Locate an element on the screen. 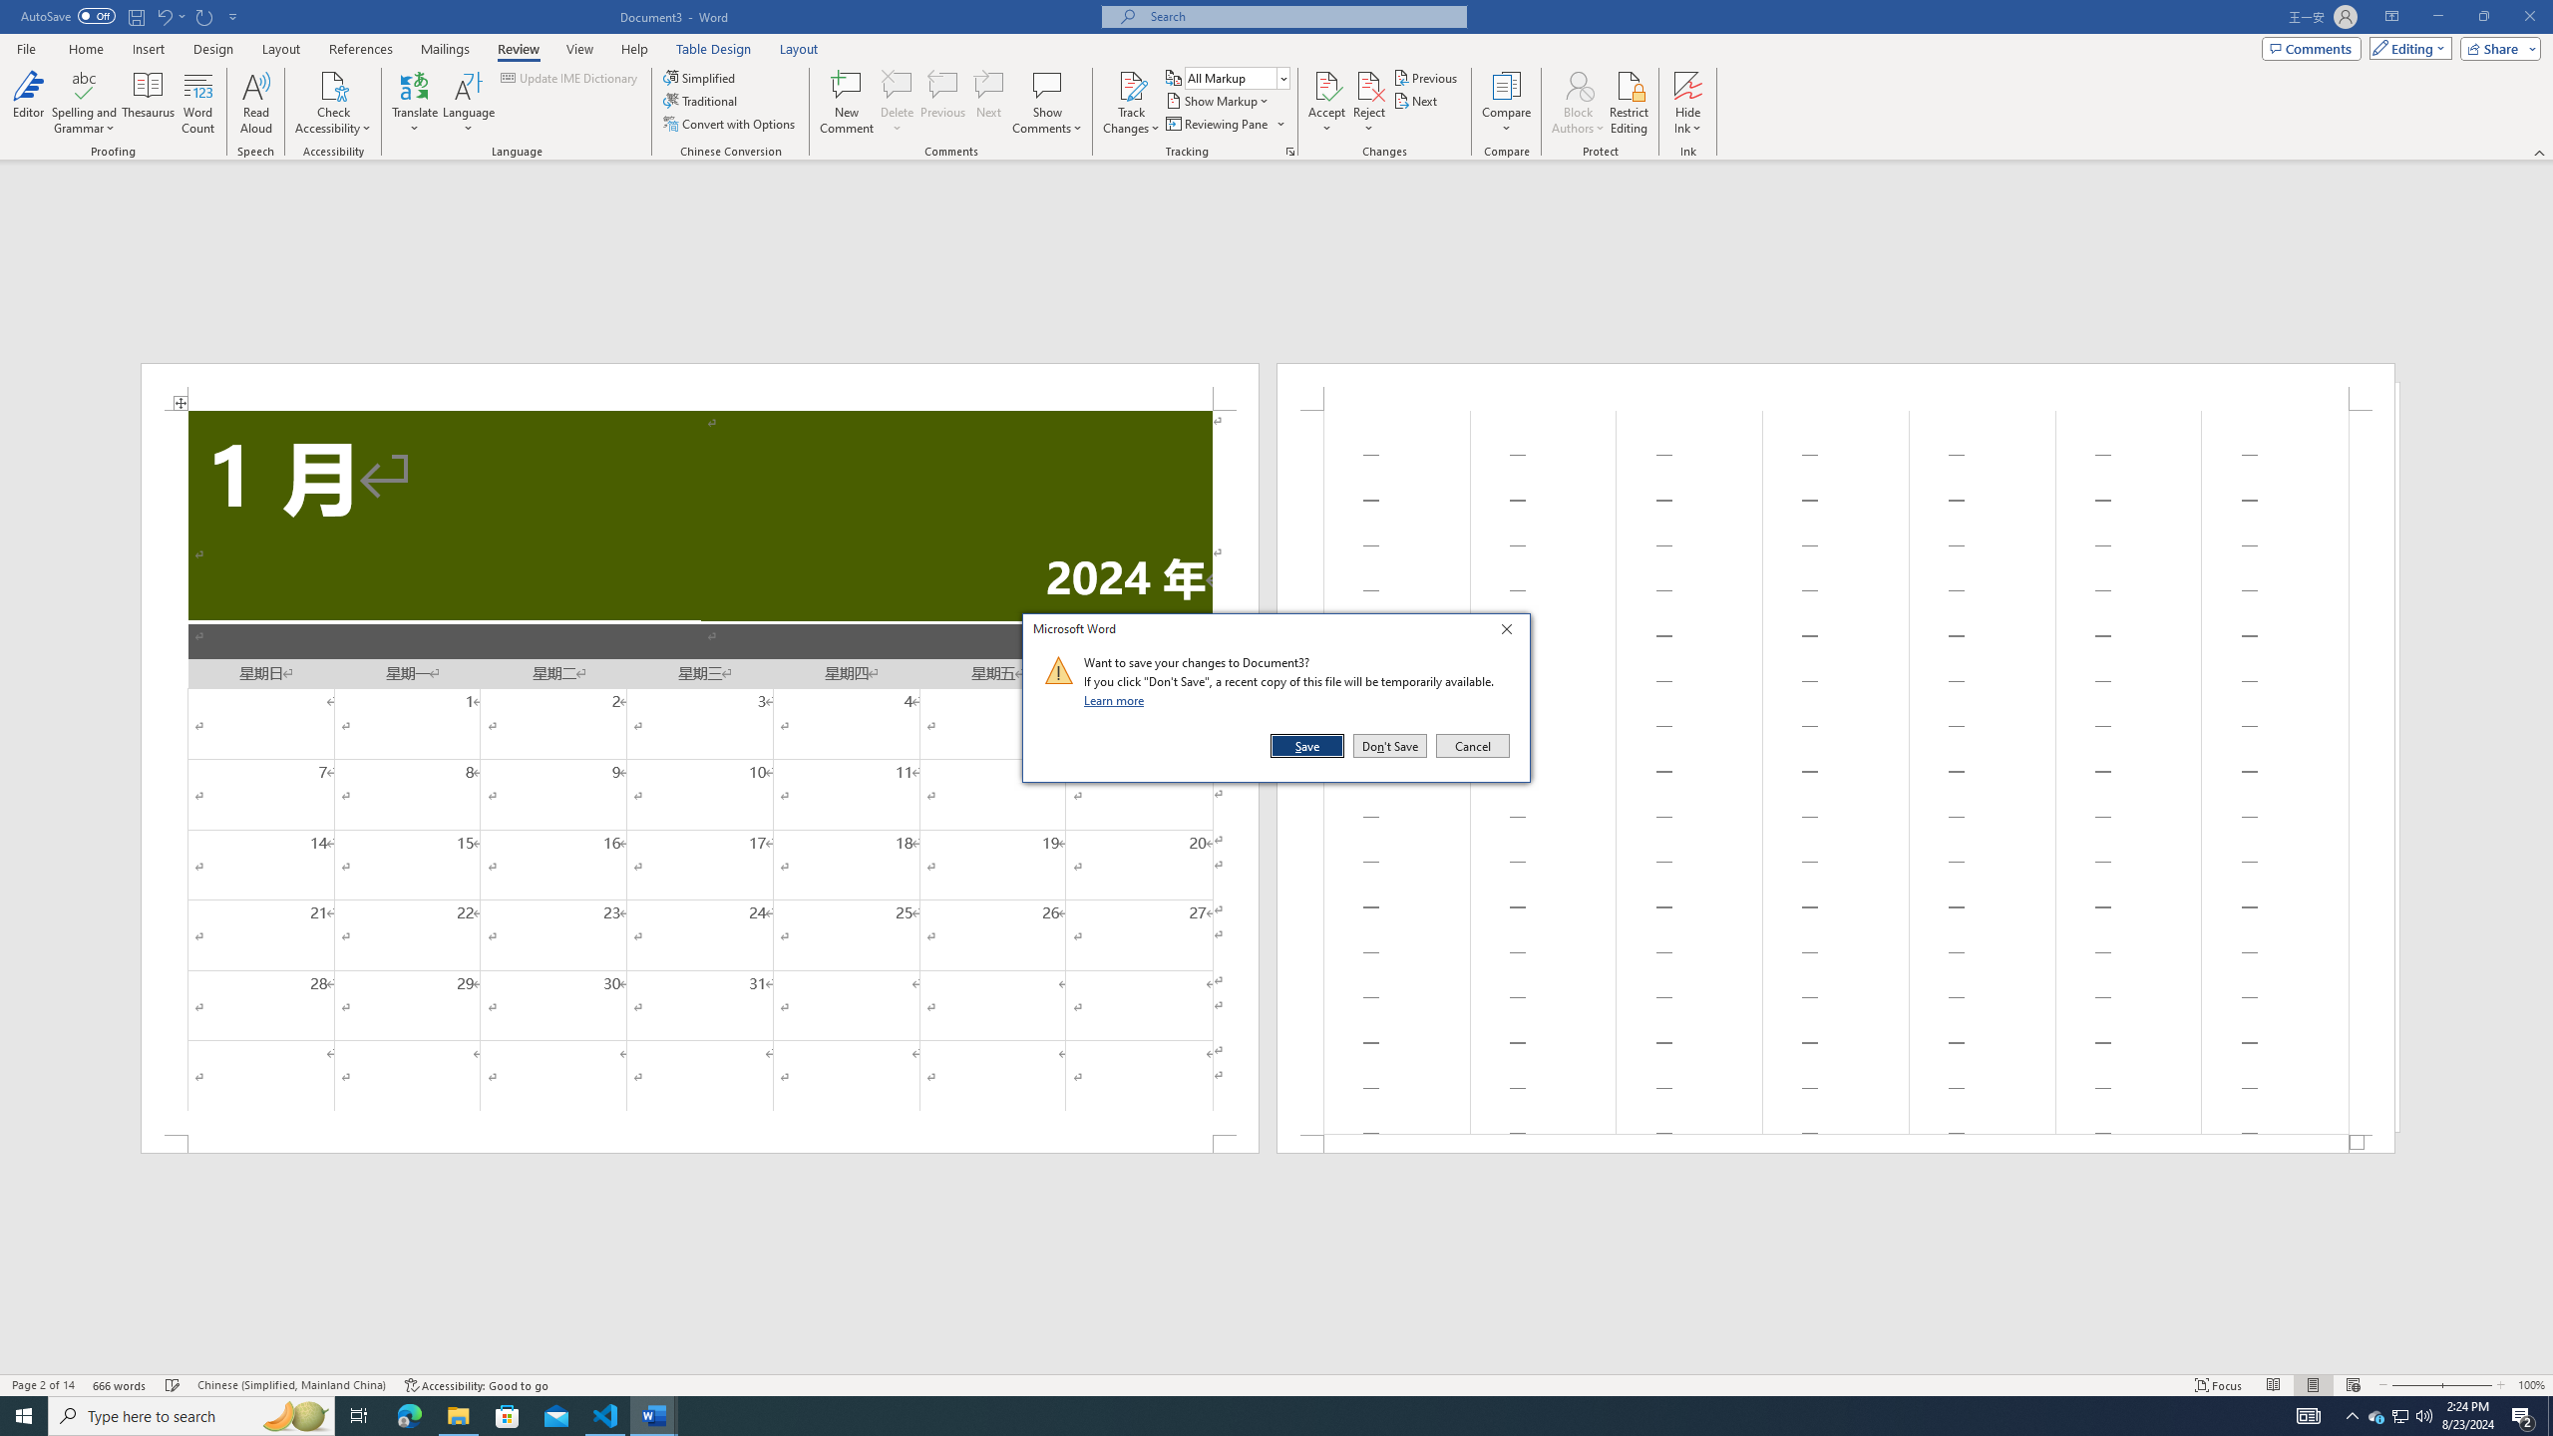 The image size is (2553, 1436). 'Block Authors' is located at coordinates (1578, 103).